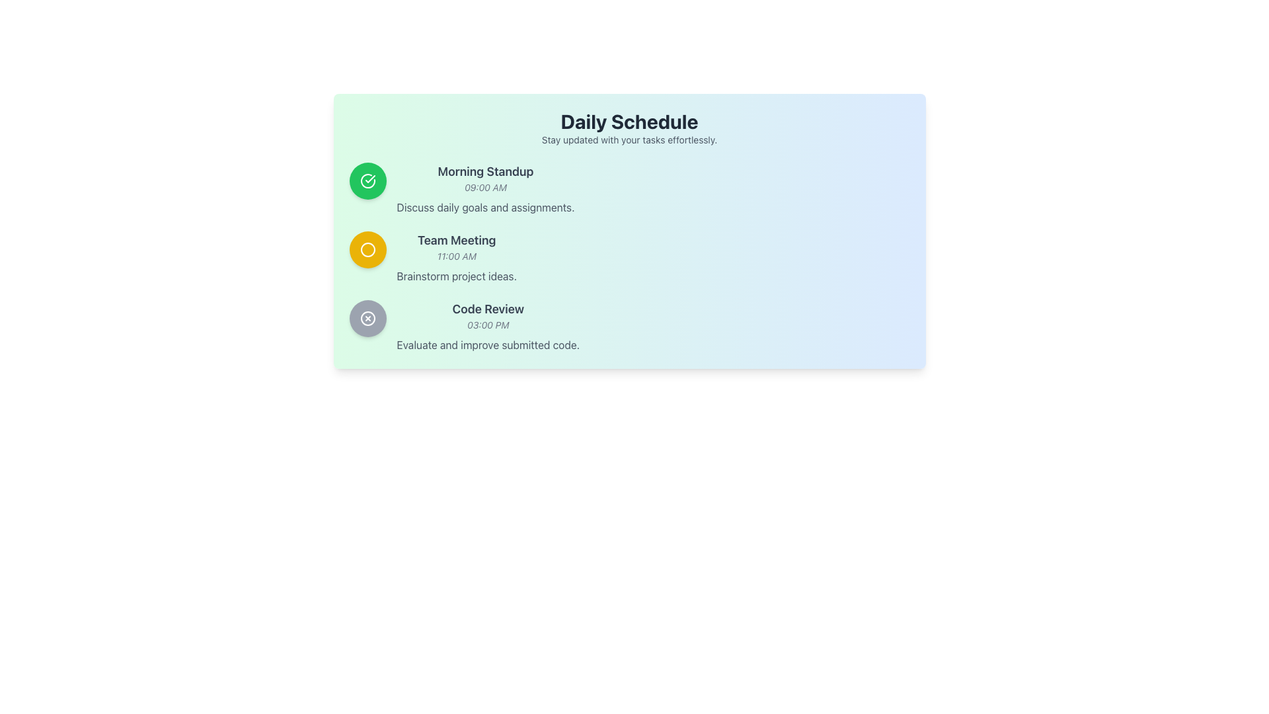 The image size is (1269, 714). What do you see at coordinates (629, 128) in the screenshot?
I see `information presented in the header titled 'Daily Schedule' and the subtitle 'Stay updated with your tasks effortlessly.' which is located at the top section of the interface with a gradient background` at bounding box center [629, 128].